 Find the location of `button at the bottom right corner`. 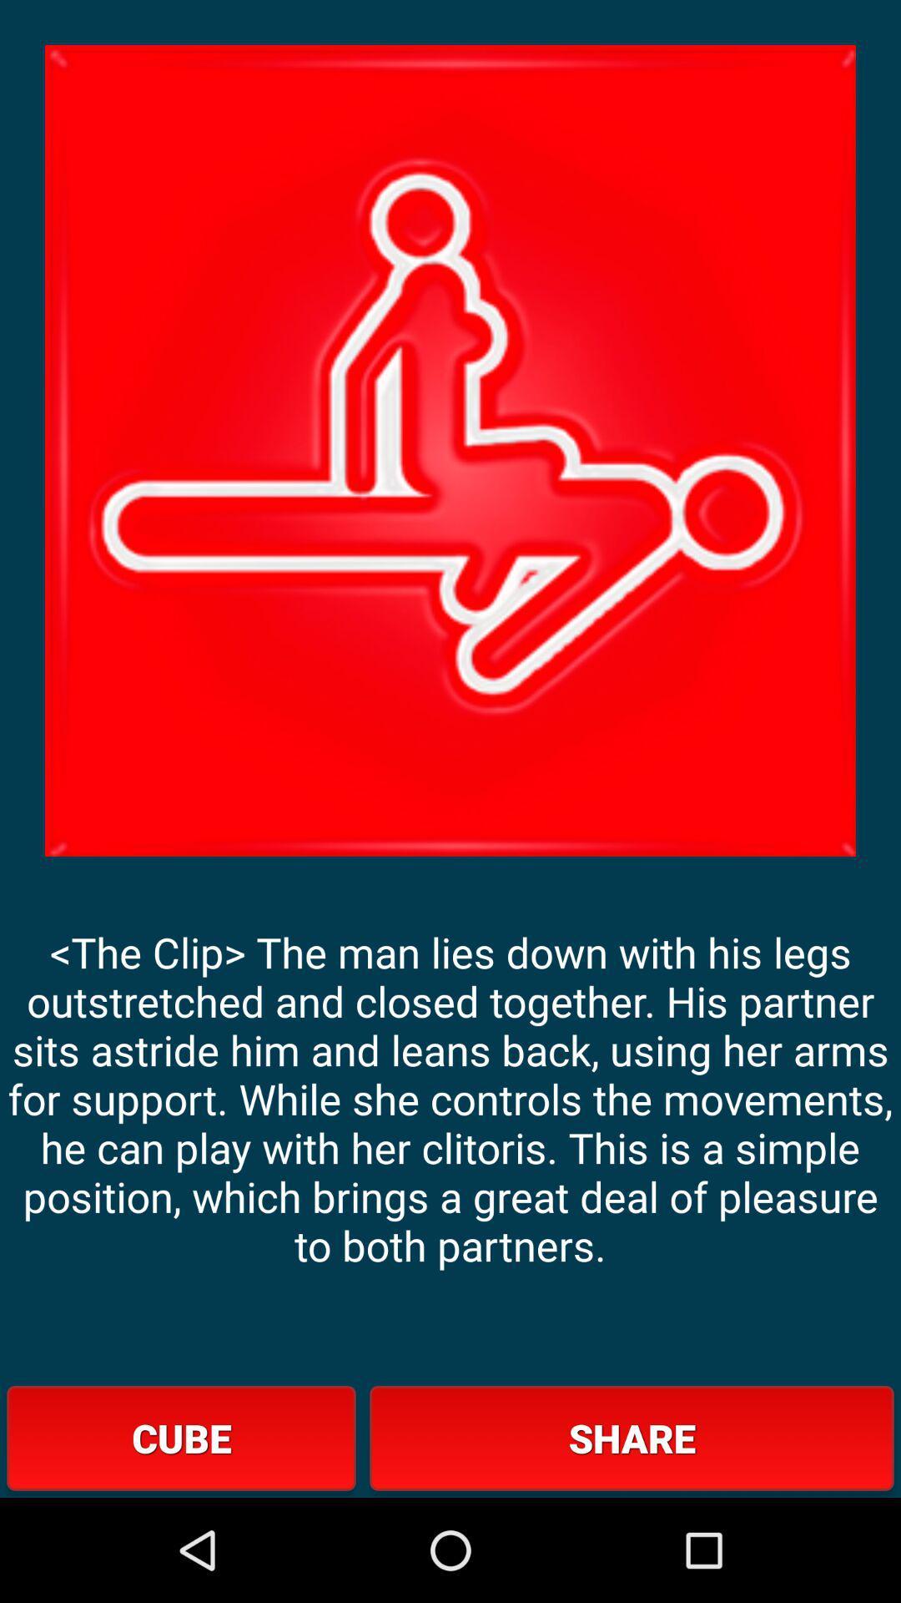

button at the bottom right corner is located at coordinates (632, 1437).